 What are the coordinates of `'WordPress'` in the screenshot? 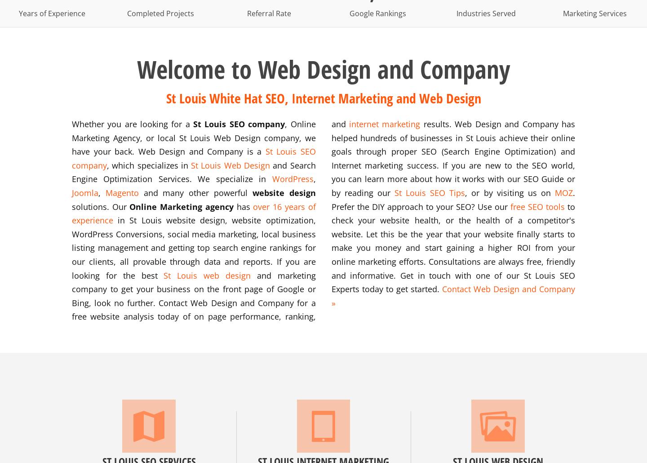 It's located at (292, 178).